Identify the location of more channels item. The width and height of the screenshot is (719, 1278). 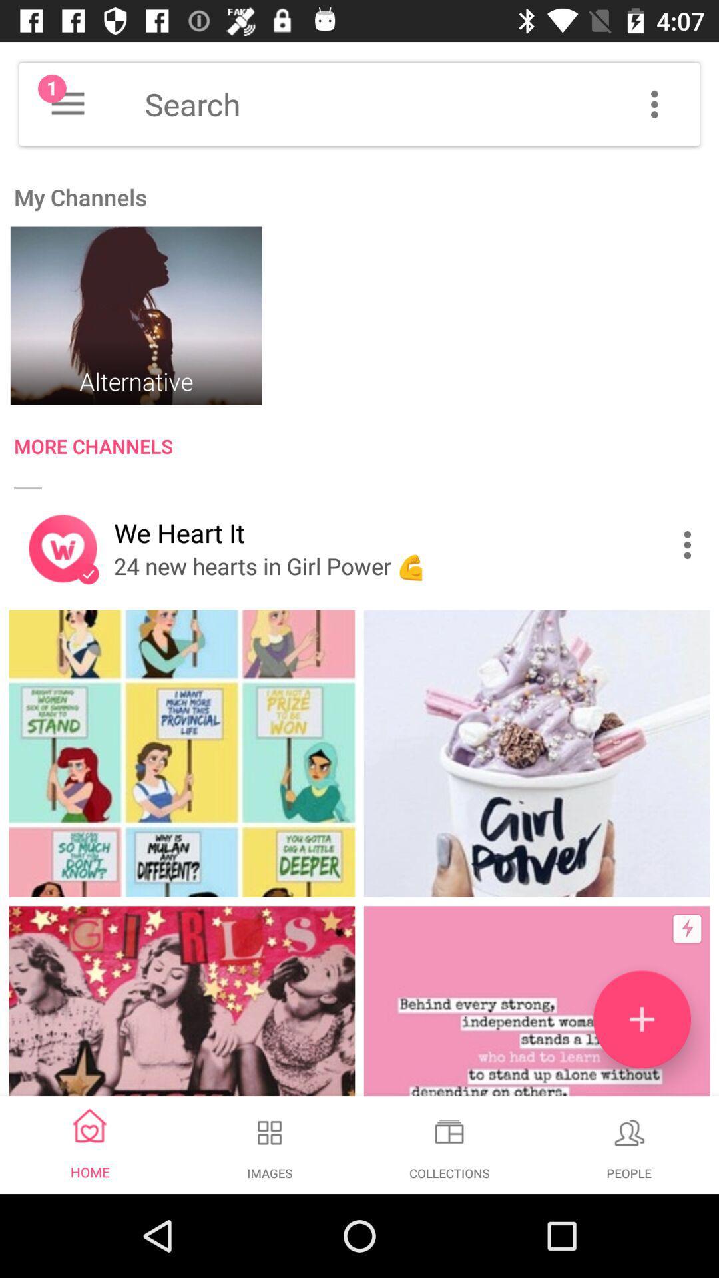
(366, 449).